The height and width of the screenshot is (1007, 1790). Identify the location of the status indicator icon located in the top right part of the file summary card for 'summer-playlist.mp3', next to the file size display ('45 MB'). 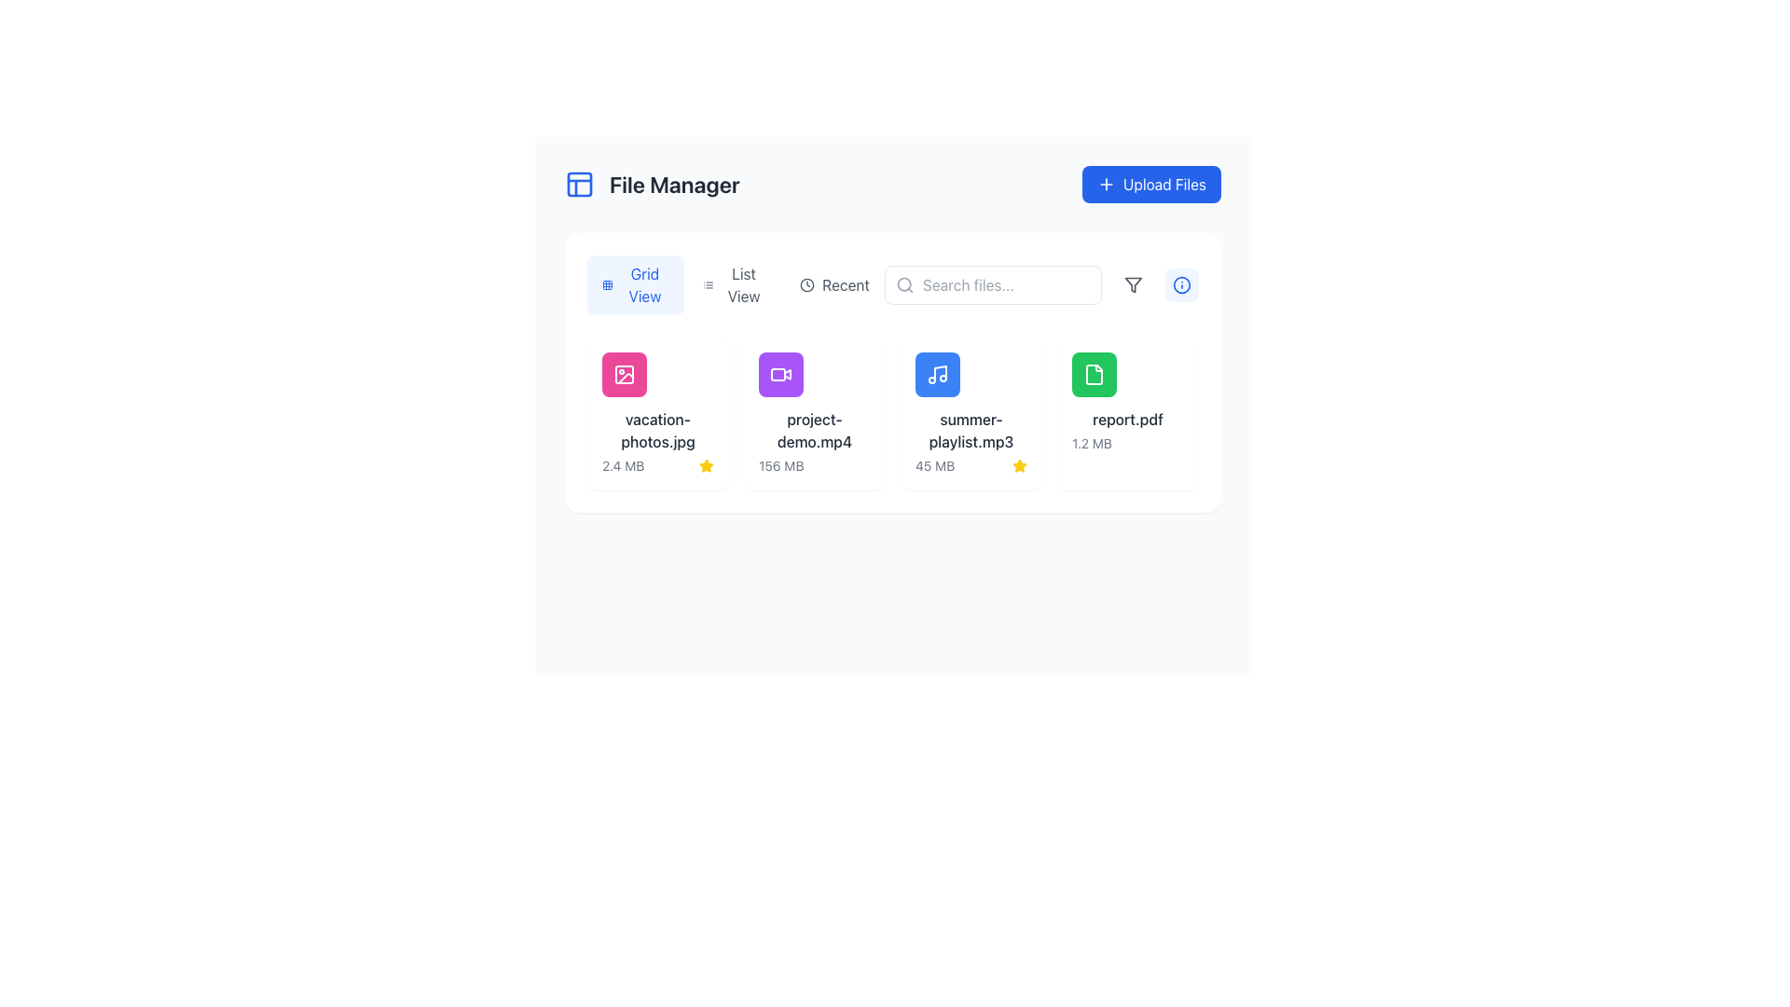
(1019, 465).